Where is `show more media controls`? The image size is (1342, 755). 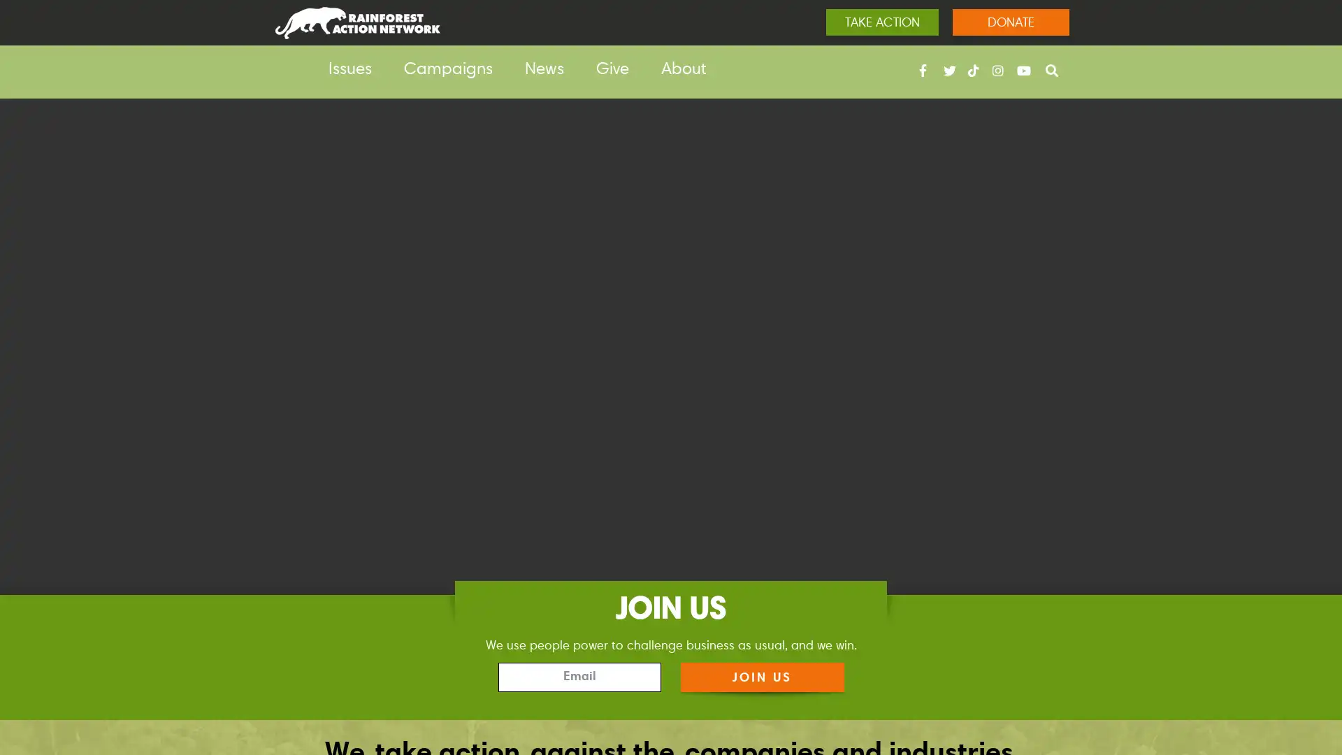
show more media controls is located at coordinates (1308, 681).